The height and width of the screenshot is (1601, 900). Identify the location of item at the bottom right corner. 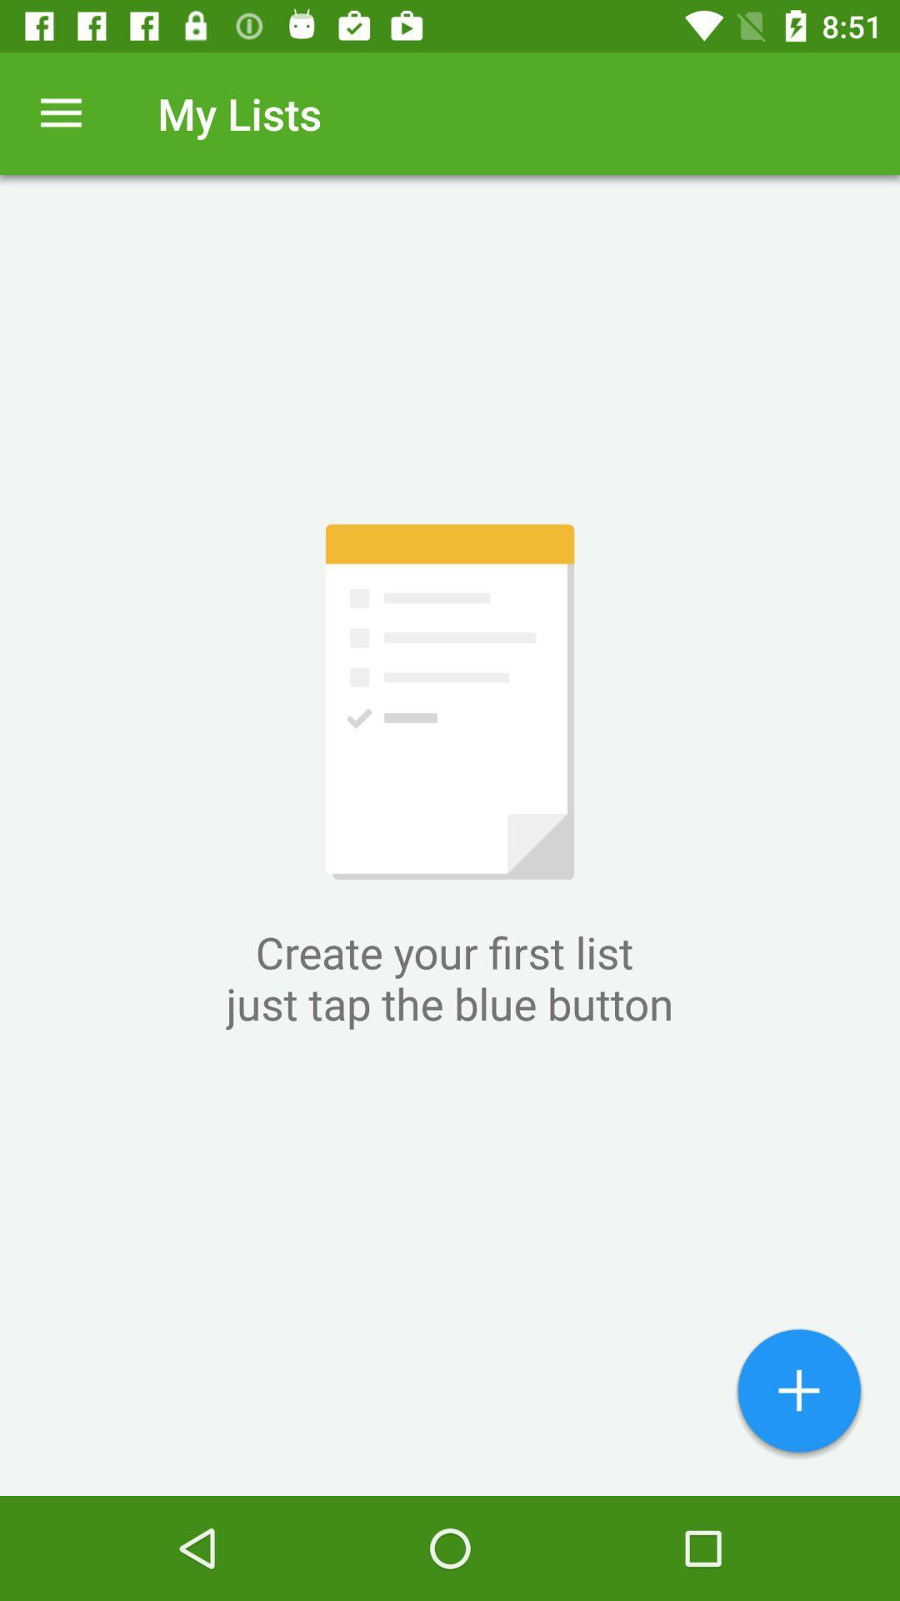
(798, 1393).